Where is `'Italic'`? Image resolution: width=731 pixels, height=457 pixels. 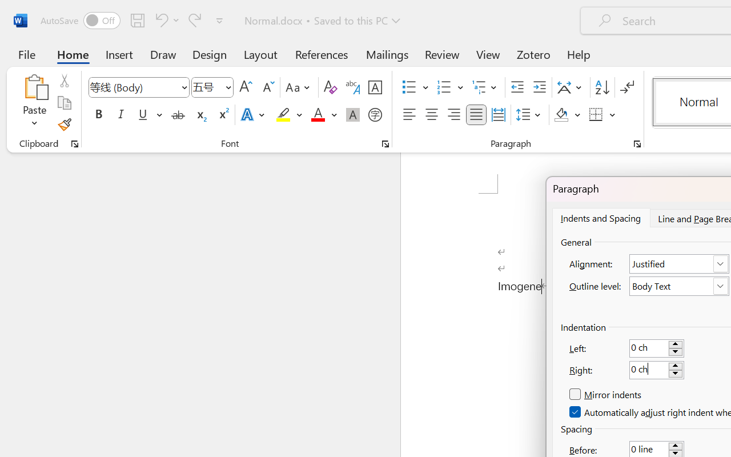
'Italic' is located at coordinates (121, 115).